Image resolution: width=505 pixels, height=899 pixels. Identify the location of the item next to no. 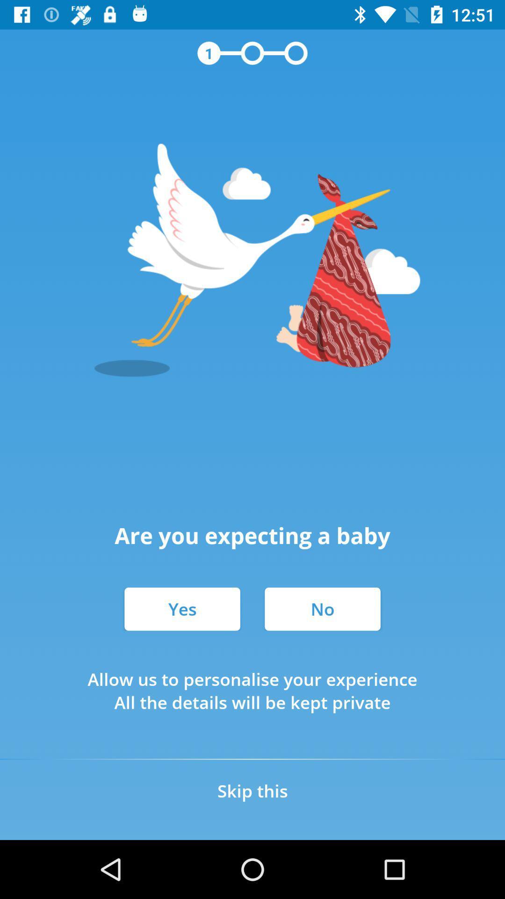
(182, 609).